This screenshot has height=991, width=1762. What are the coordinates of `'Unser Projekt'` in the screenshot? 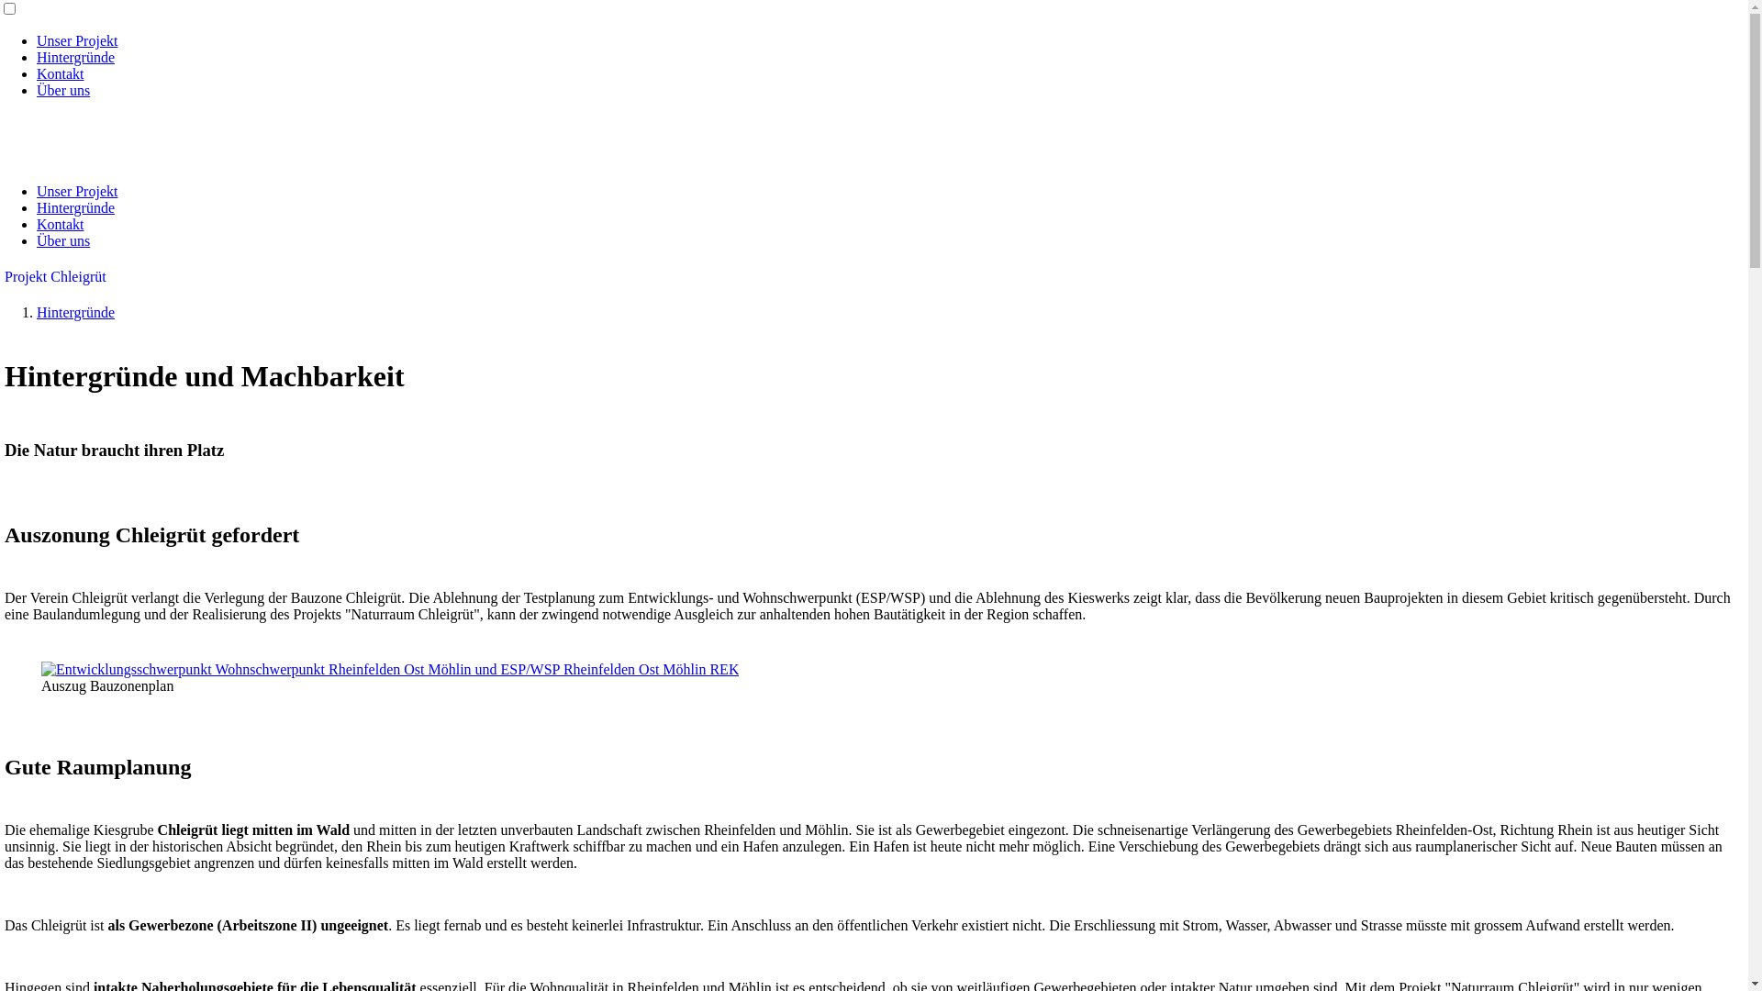 It's located at (75, 191).